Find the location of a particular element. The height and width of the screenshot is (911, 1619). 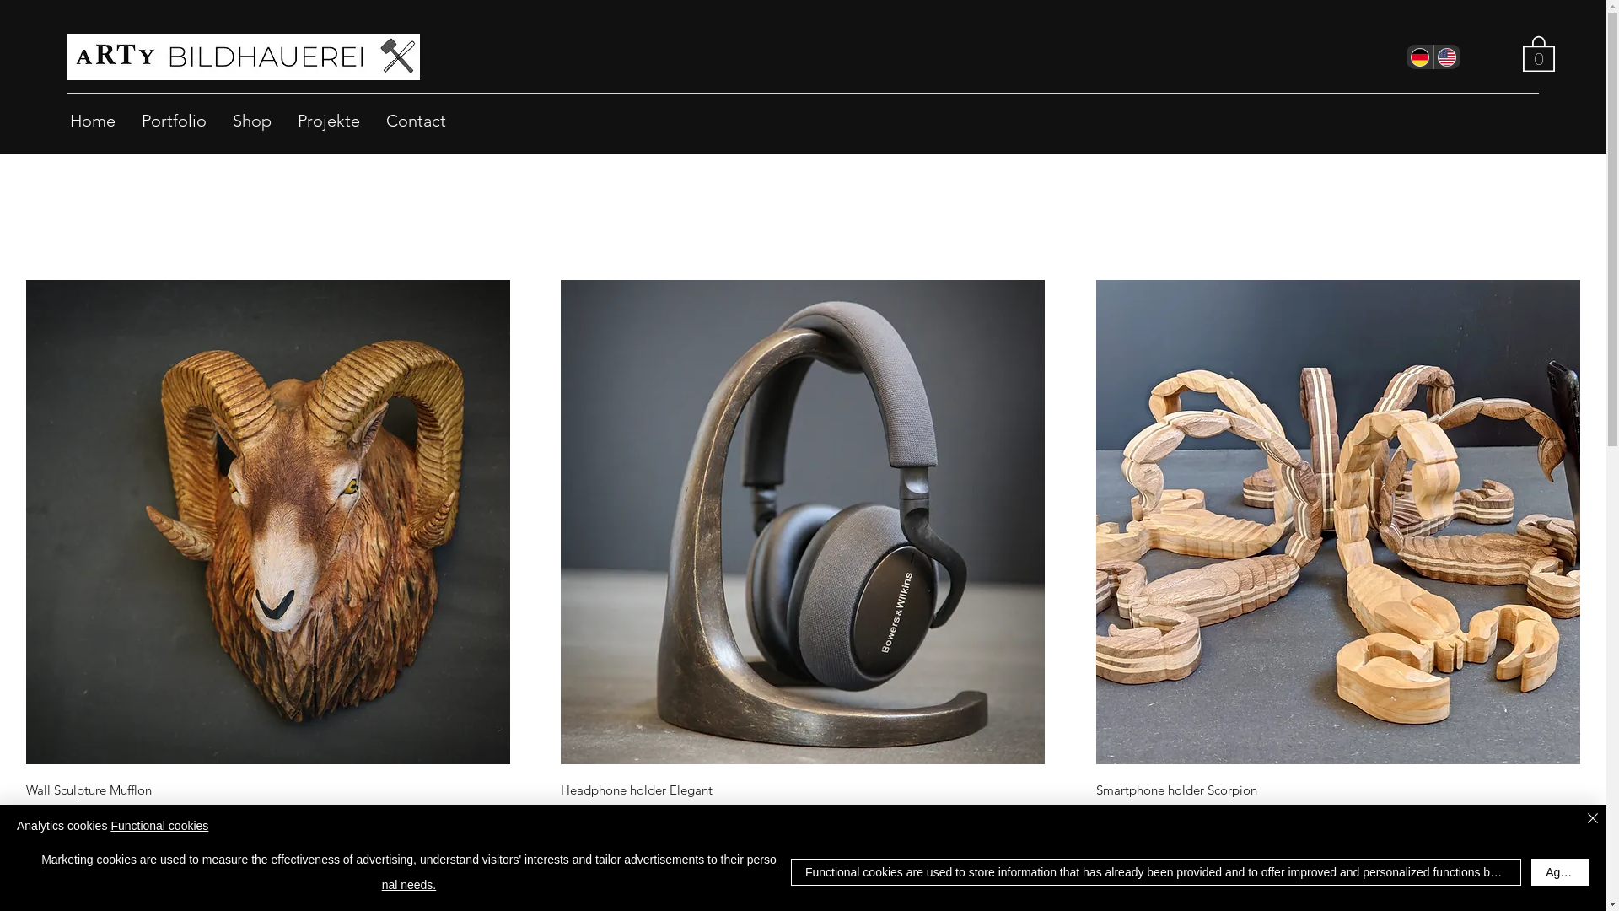

'Contact' is located at coordinates (372, 119).